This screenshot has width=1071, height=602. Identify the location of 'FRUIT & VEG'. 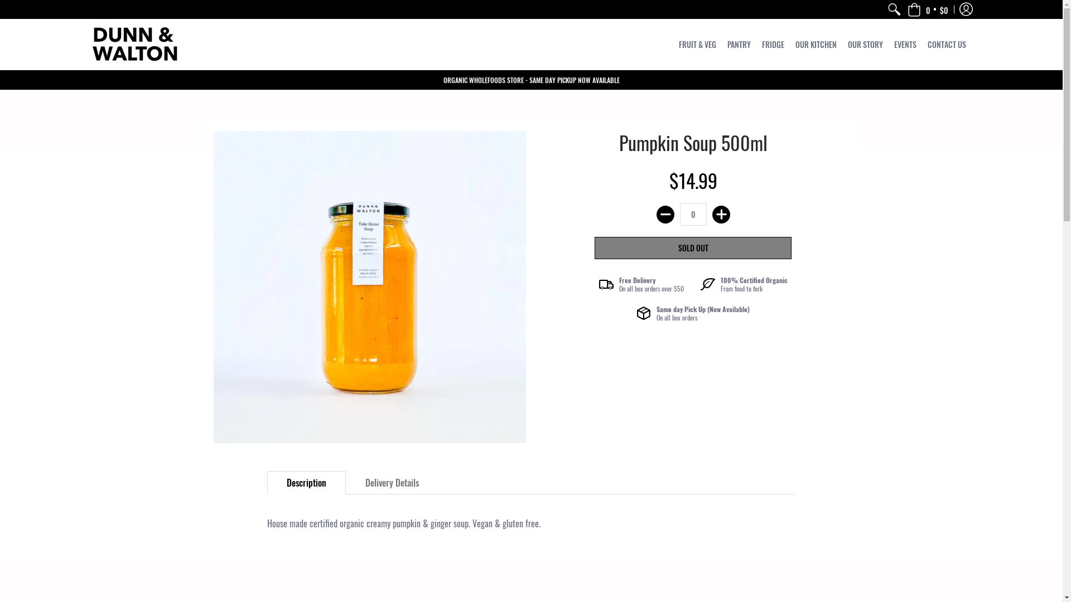
(697, 43).